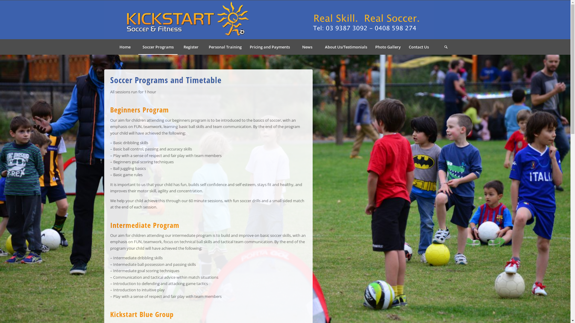 The image size is (575, 323). What do you see at coordinates (418, 47) in the screenshot?
I see `'Contact Us'` at bounding box center [418, 47].